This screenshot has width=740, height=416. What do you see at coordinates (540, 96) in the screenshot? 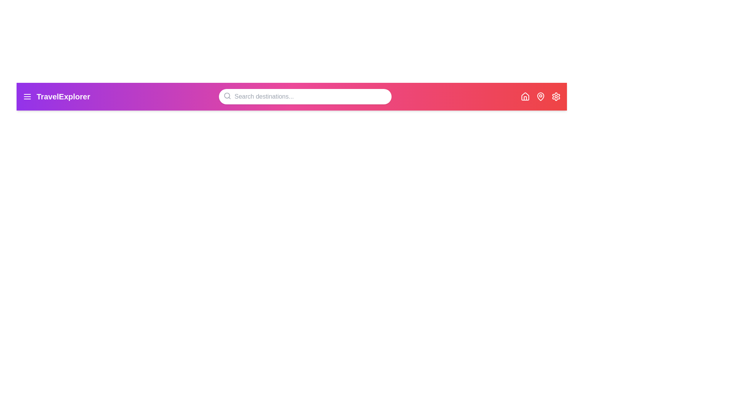
I see `the MapPin icon to view or locate destinations` at bounding box center [540, 96].